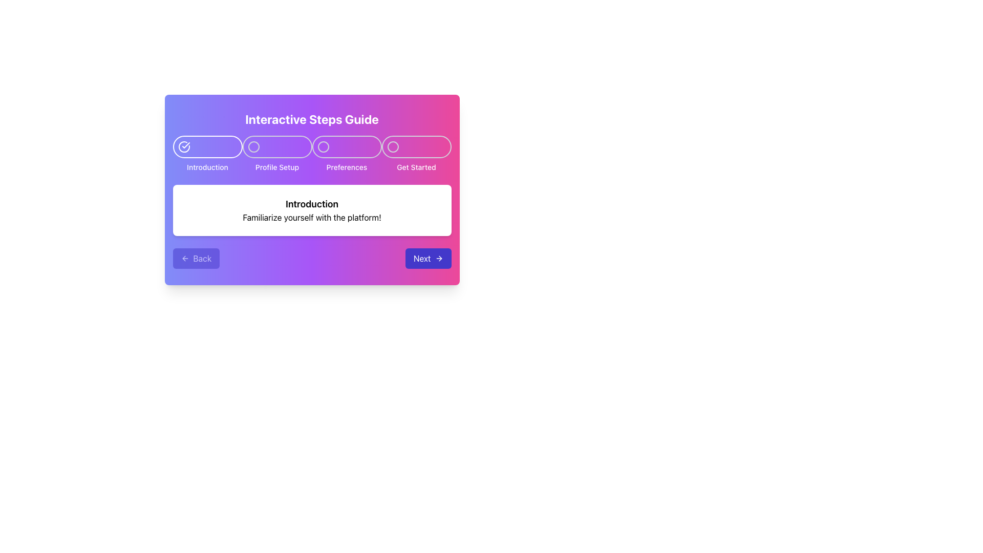 This screenshot has height=553, width=983. What do you see at coordinates (207, 146) in the screenshot?
I see `the leftmost Step Indicator Button located just below the title 'Interactive Steps Guide'` at bounding box center [207, 146].